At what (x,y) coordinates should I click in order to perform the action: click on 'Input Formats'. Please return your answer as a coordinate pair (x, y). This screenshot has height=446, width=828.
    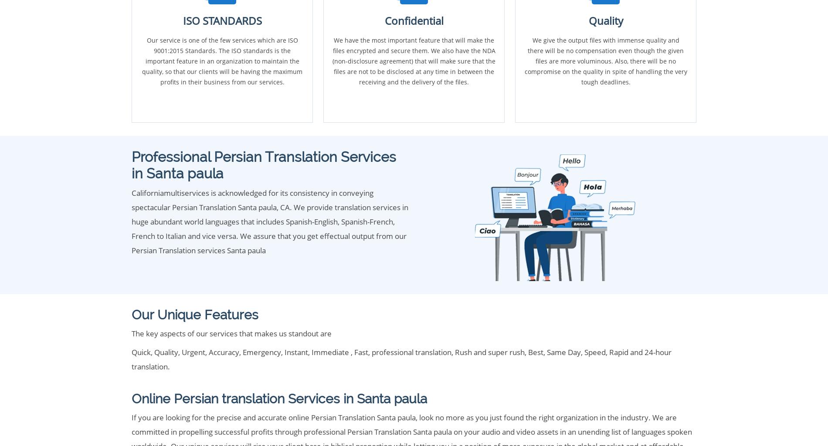
    Looking at the image, I should click on (135, 295).